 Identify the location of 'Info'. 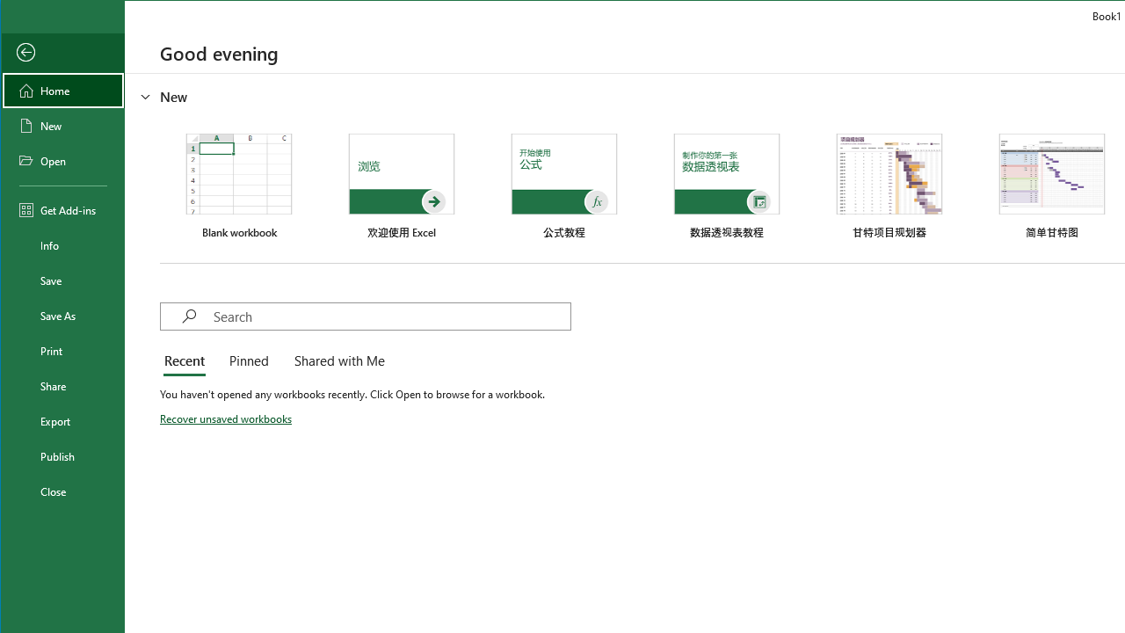
(63, 245).